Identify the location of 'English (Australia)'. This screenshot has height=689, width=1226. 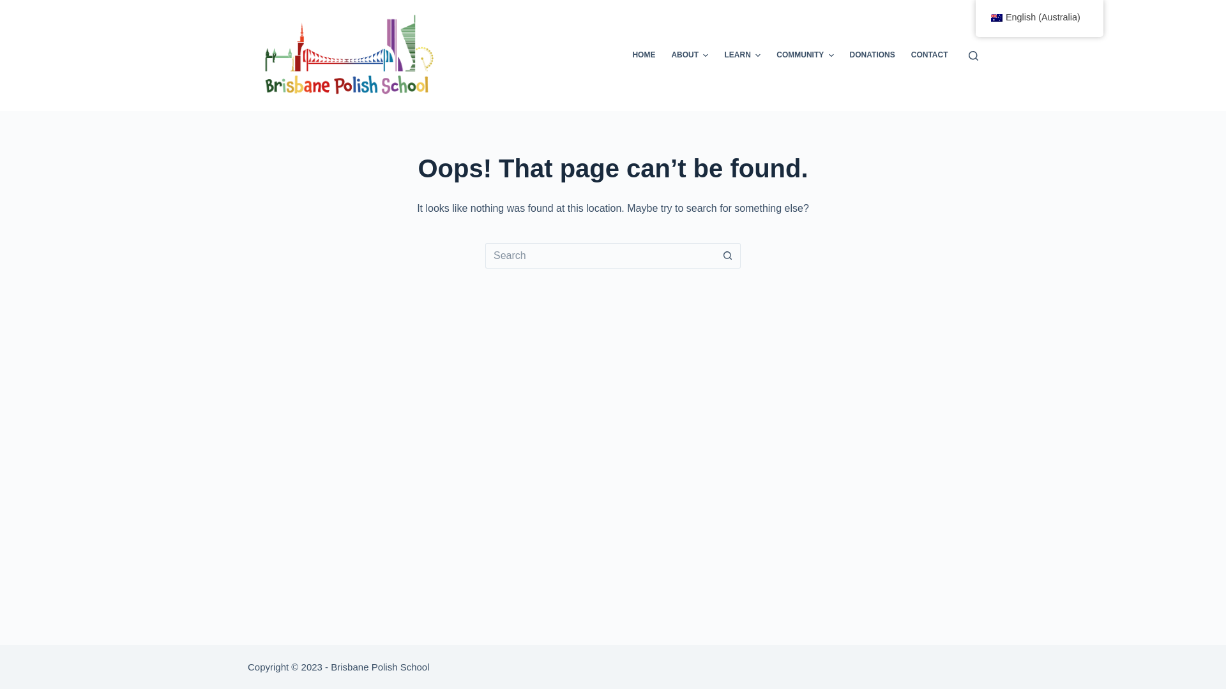
(974, 17).